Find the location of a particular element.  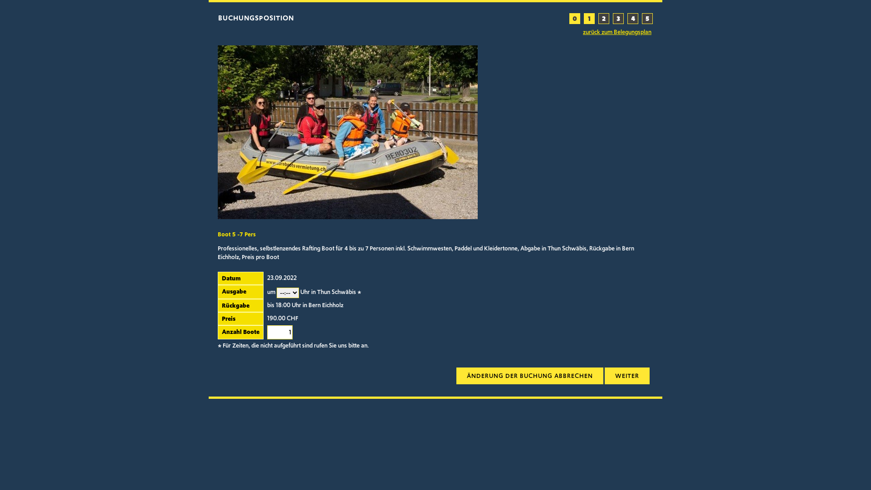

'2' is located at coordinates (603, 19).